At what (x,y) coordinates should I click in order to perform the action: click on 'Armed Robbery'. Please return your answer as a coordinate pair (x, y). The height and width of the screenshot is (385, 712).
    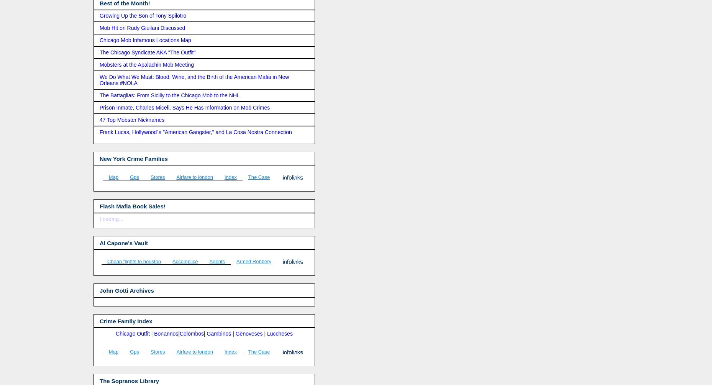
    Looking at the image, I should click on (254, 261).